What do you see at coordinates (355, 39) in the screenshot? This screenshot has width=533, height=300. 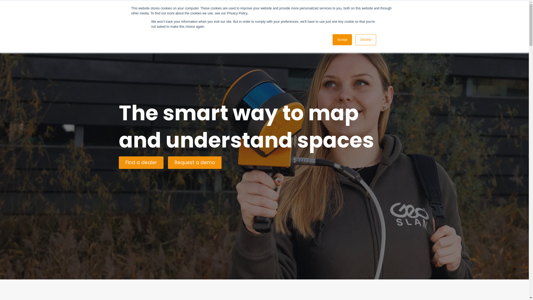 I see `'Decline'` at bounding box center [355, 39].